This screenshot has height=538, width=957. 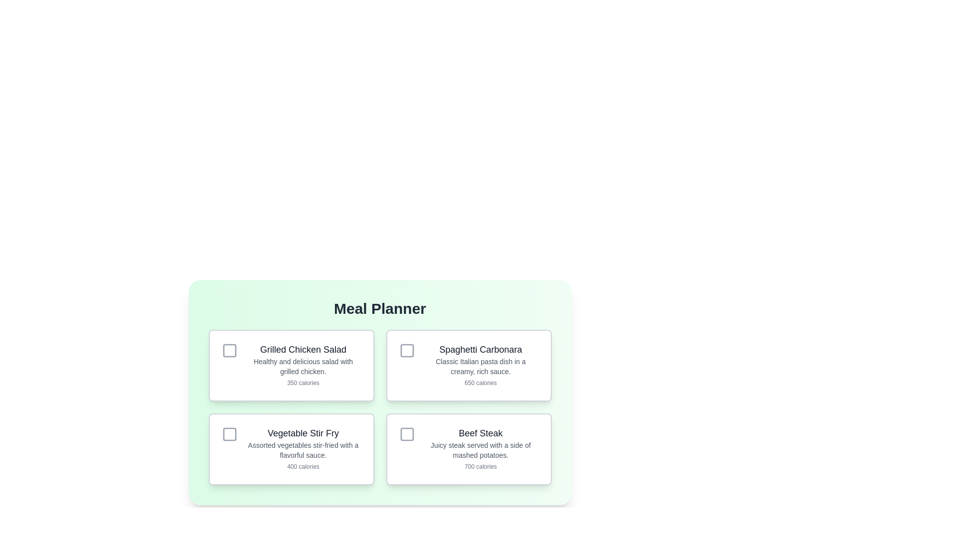 I want to click on the center of the checkbox located within the card labeled 'Spaghetti Carbonara', so click(x=407, y=350).